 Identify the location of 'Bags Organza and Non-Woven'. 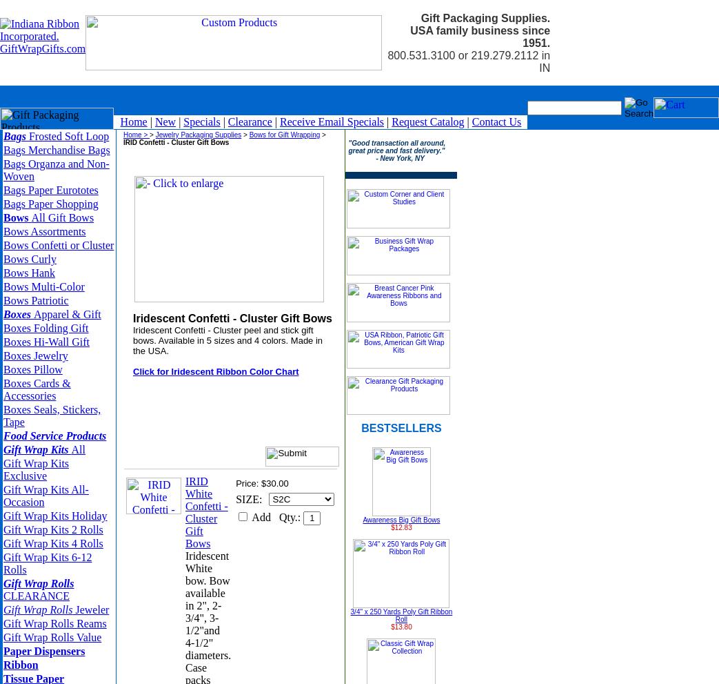
(56, 170).